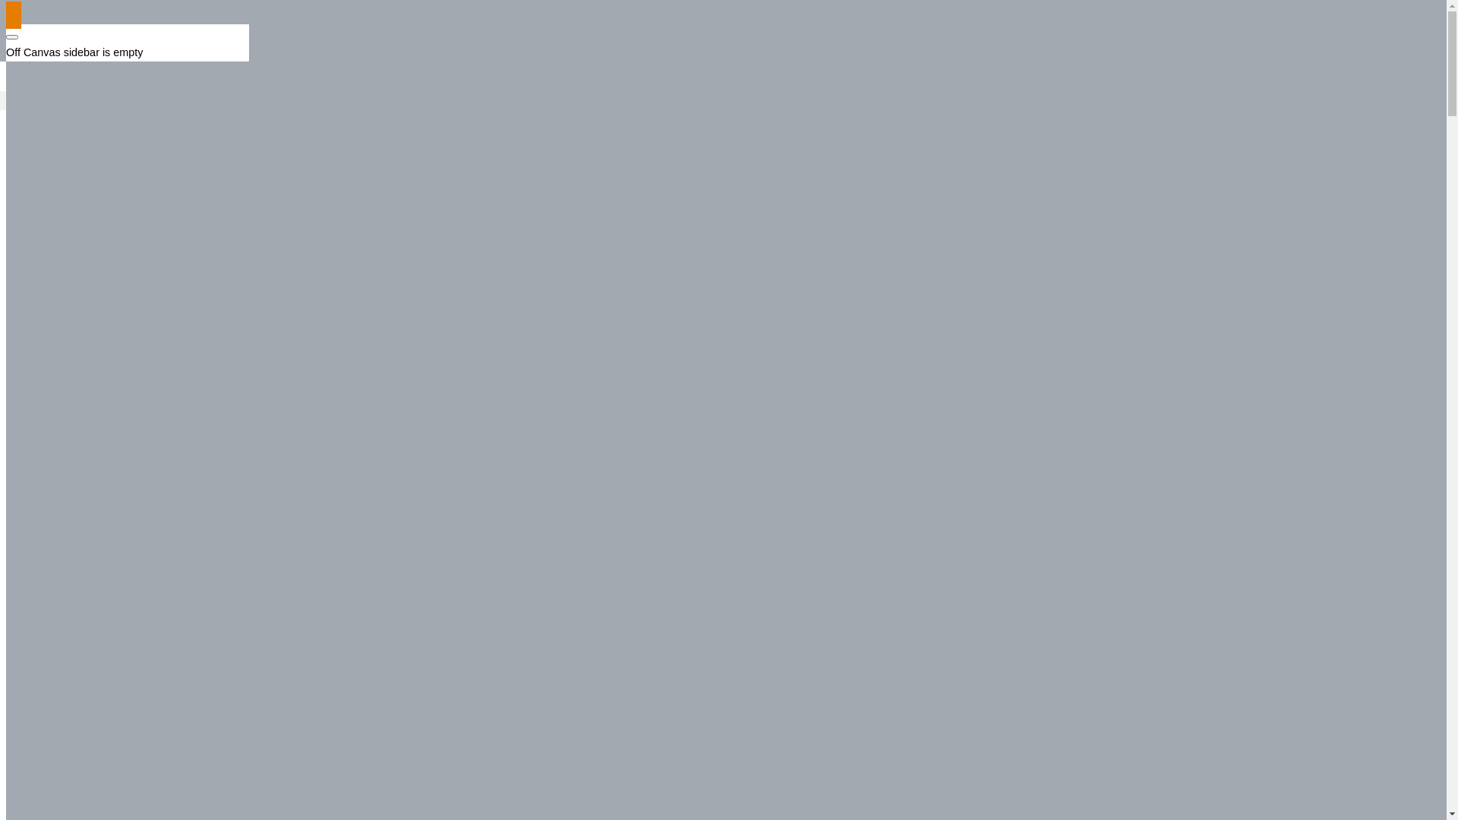 The width and height of the screenshot is (1458, 820). Describe the element at coordinates (14, 14) in the screenshot. I see `'Back to Top'` at that location.